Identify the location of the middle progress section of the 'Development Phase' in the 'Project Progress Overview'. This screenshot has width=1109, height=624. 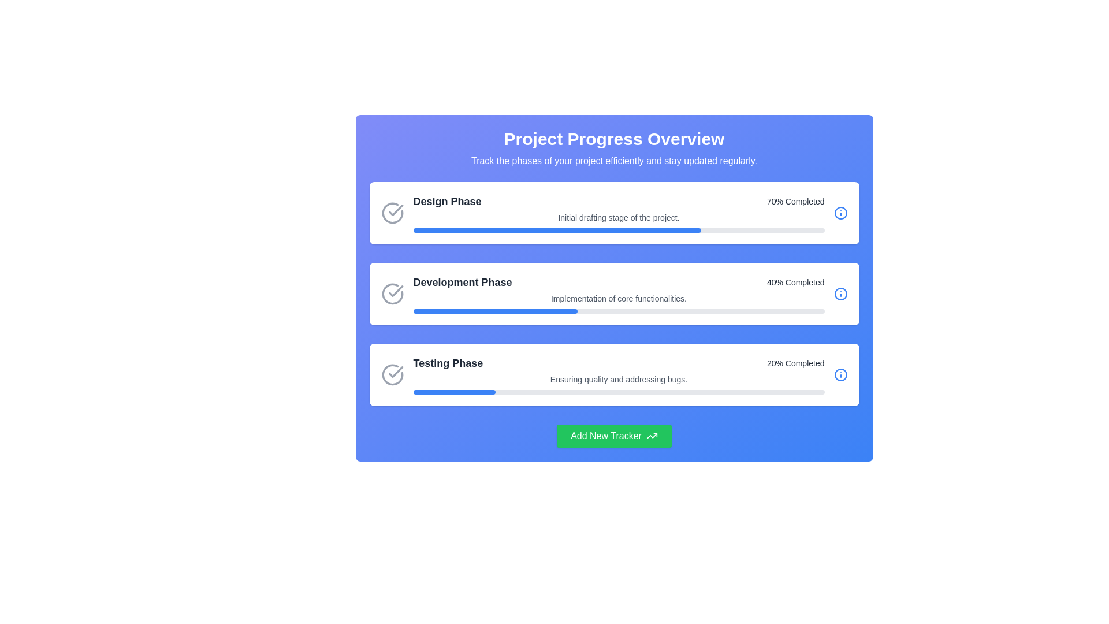
(613, 294).